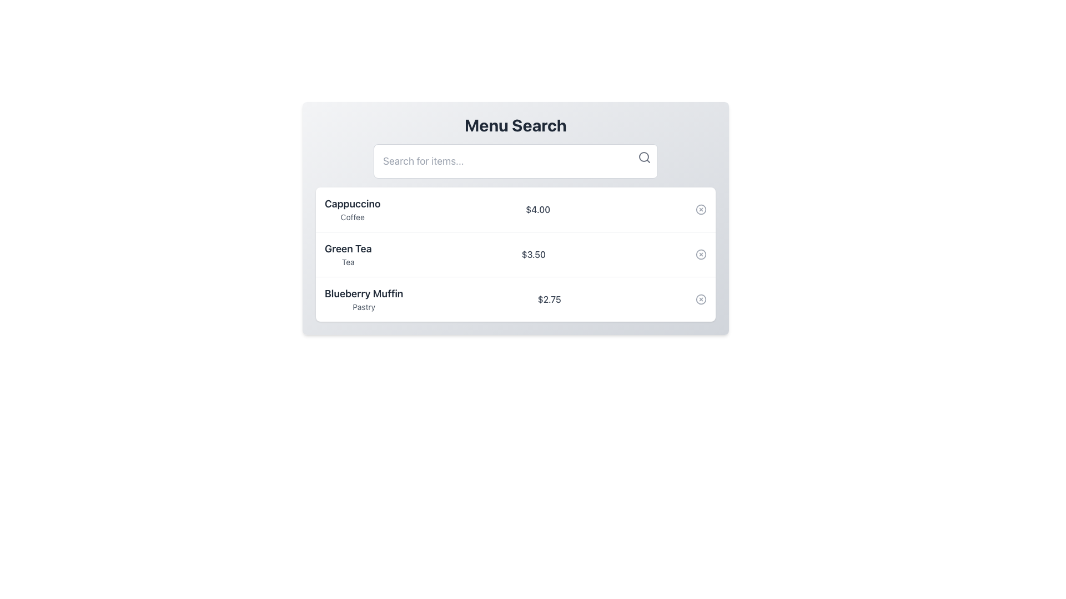  What do you see at coordinates (534, 255) in the screenshot?
I see `the price element '$3.50' displayed in gray text for the 'Green Tea' item in the menu interface` at bounding box center [534, 255].